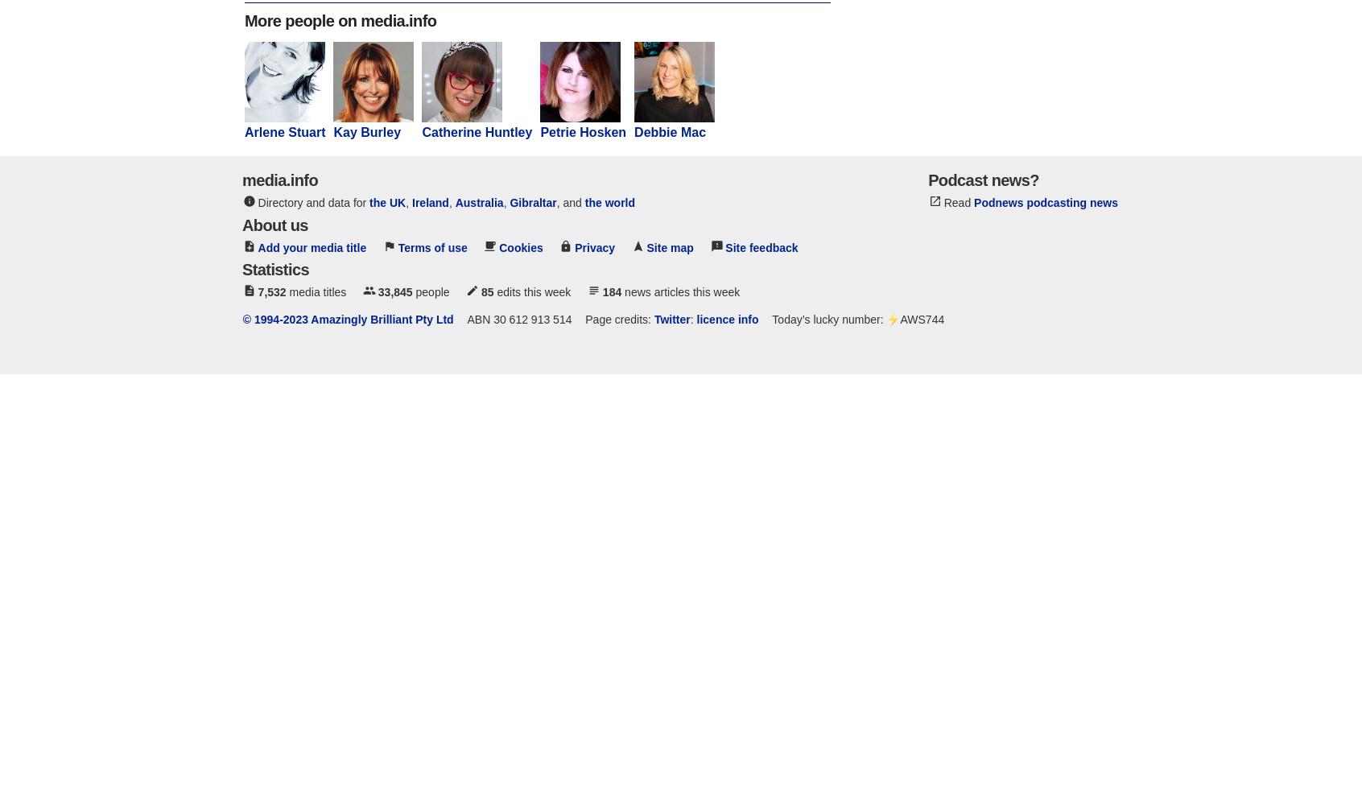  What do you see at coordinates (270, 291) in the screenshot?
I see `'7,532'` at bounding box center [270, 291].